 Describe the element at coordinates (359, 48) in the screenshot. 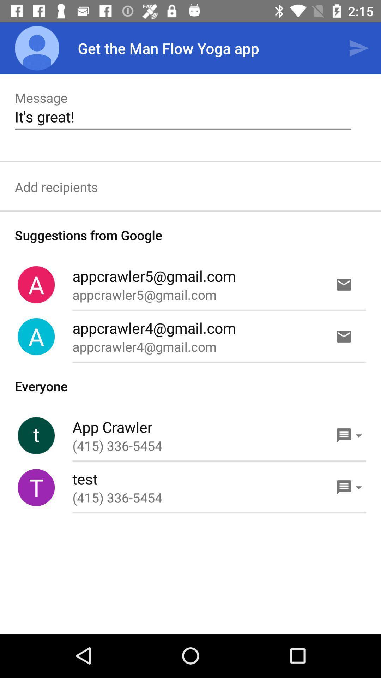

I see `the item at the top right corner` at that location.